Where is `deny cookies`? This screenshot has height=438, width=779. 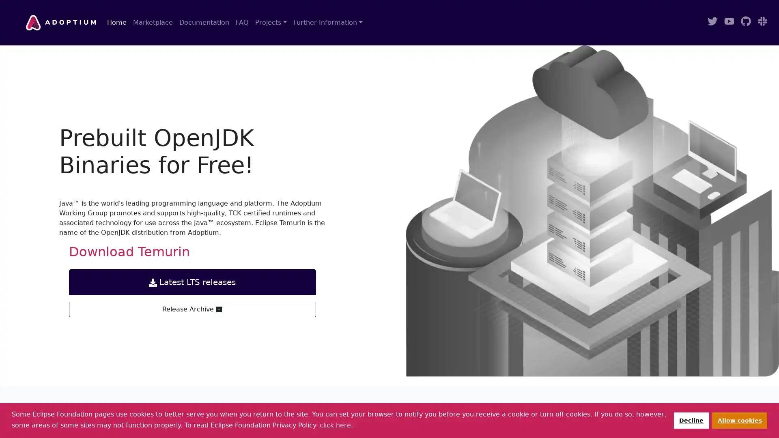 deny cookies is located at coordinates (691, 420).